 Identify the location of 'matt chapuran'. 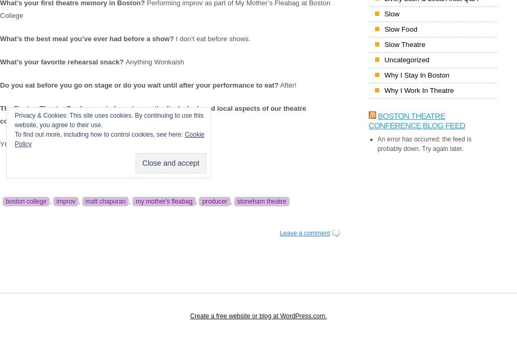
(105, 202).